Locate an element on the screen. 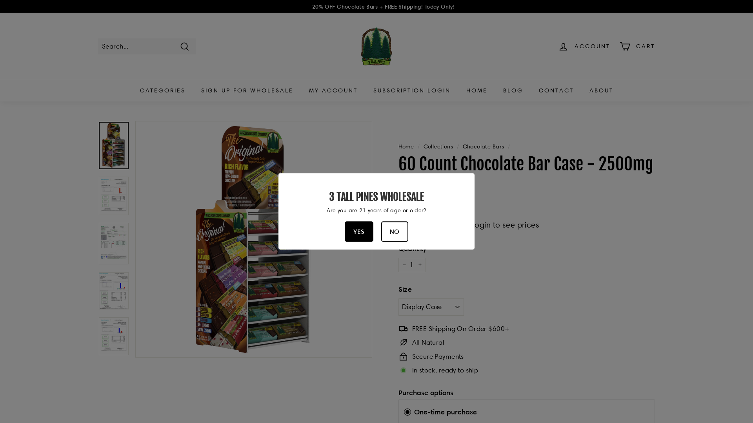 The width and height of the screenshot is (753, 423). '+' is located at coordinates (419, 265).